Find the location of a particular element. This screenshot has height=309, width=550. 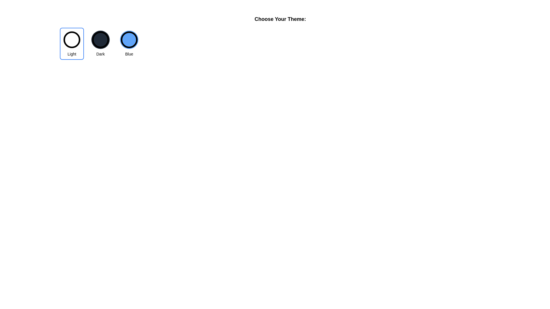

the circular element with a dark fill and lighter border, positioned in the middle of three horizontally arranged circles labeled 'Light', 'Dark', and 'Blue' is located at coordinates (100, 39).